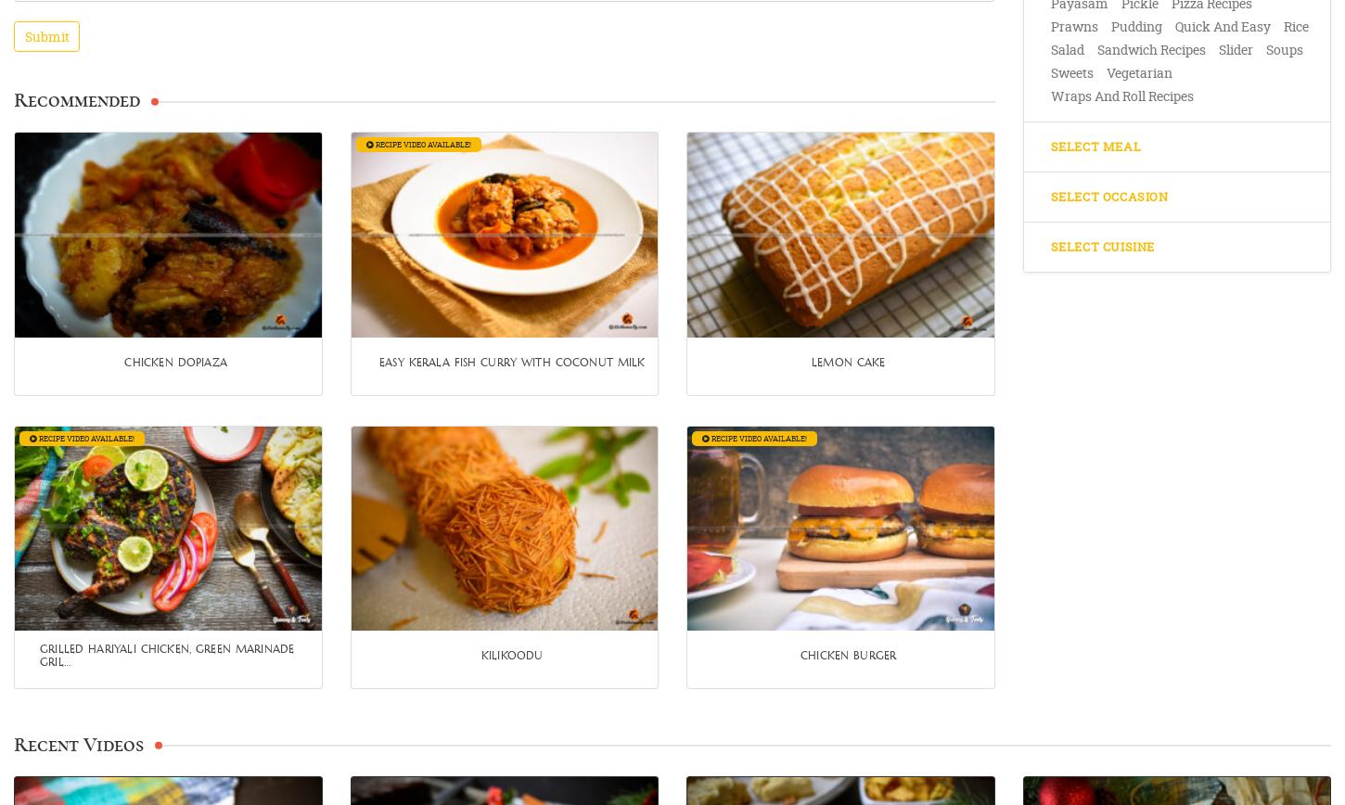 The height and width of the screenshot is (805, 1345). Describe the element at coordinates (1065, 49) in the screenshot. I see `'Salad'` at that location.